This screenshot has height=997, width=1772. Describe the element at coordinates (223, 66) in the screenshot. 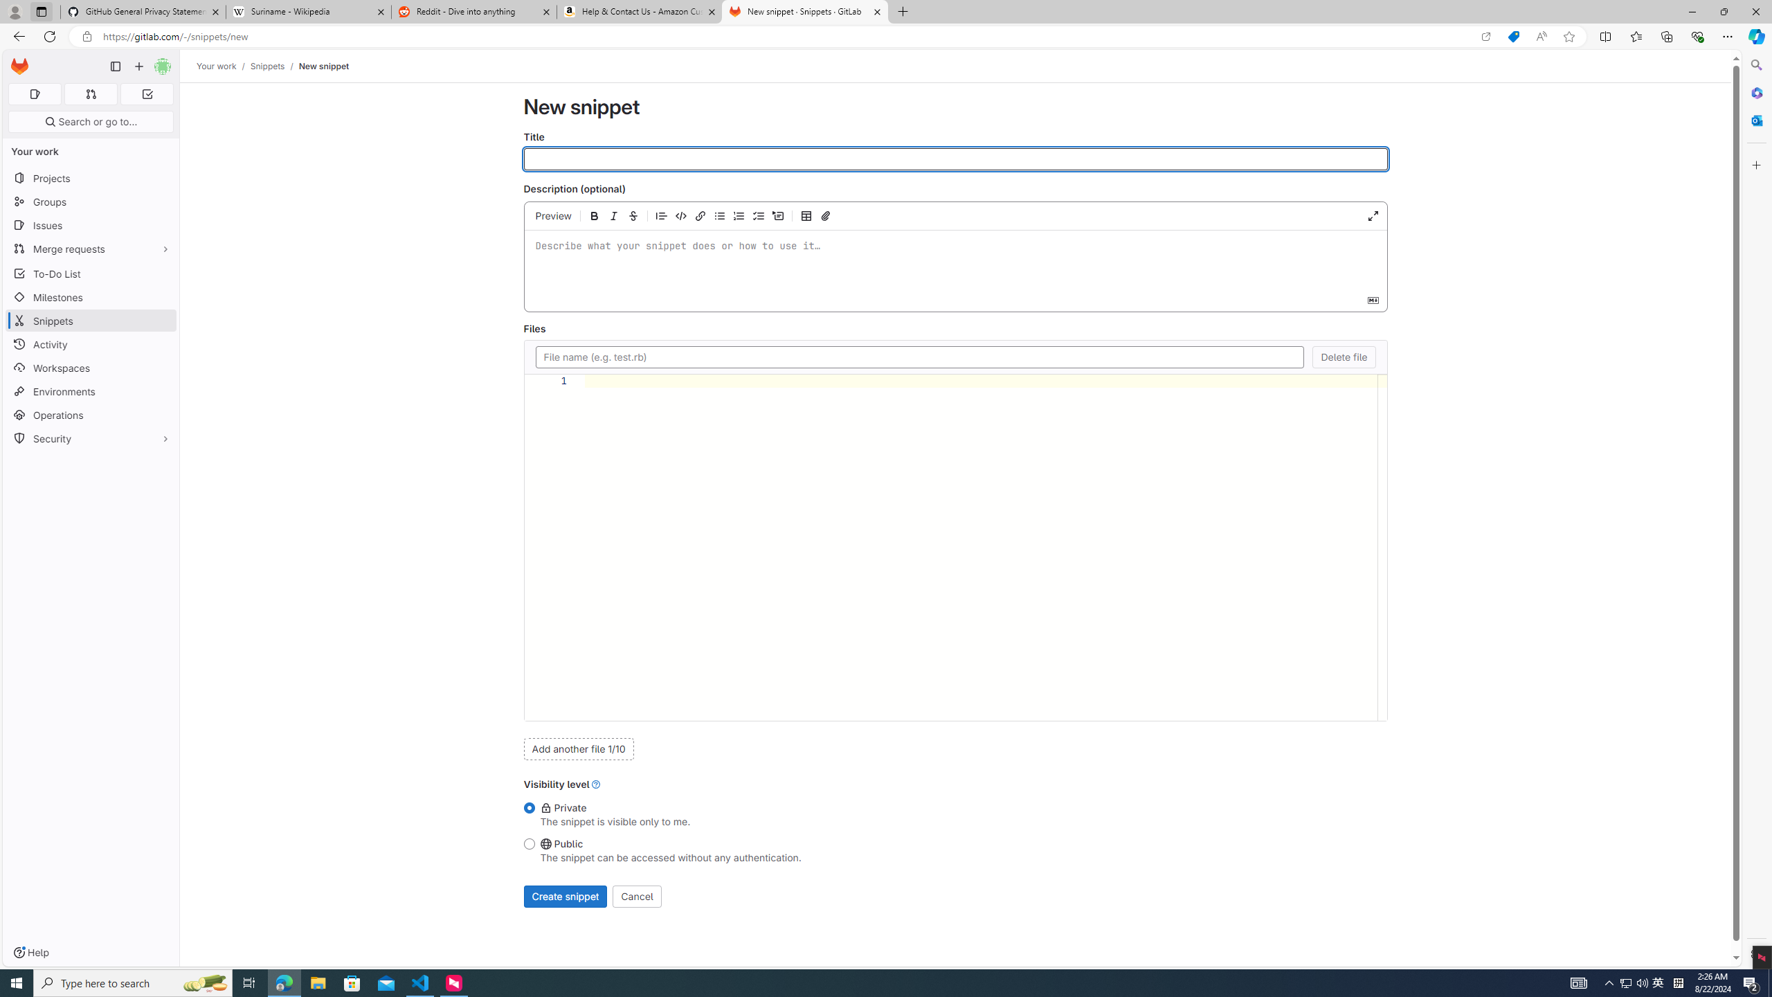

I see `'Your work/'` at that location.